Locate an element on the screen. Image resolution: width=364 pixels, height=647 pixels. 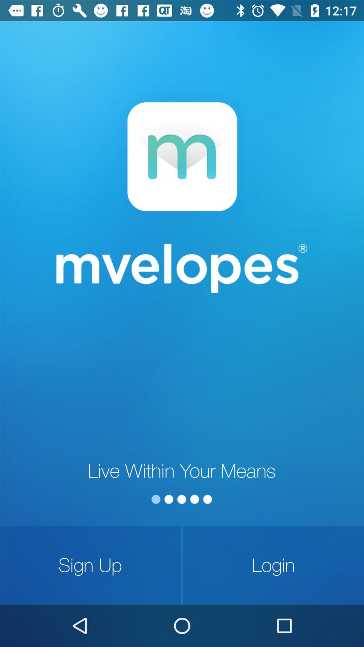
the login is located at coordinates (273, 565).